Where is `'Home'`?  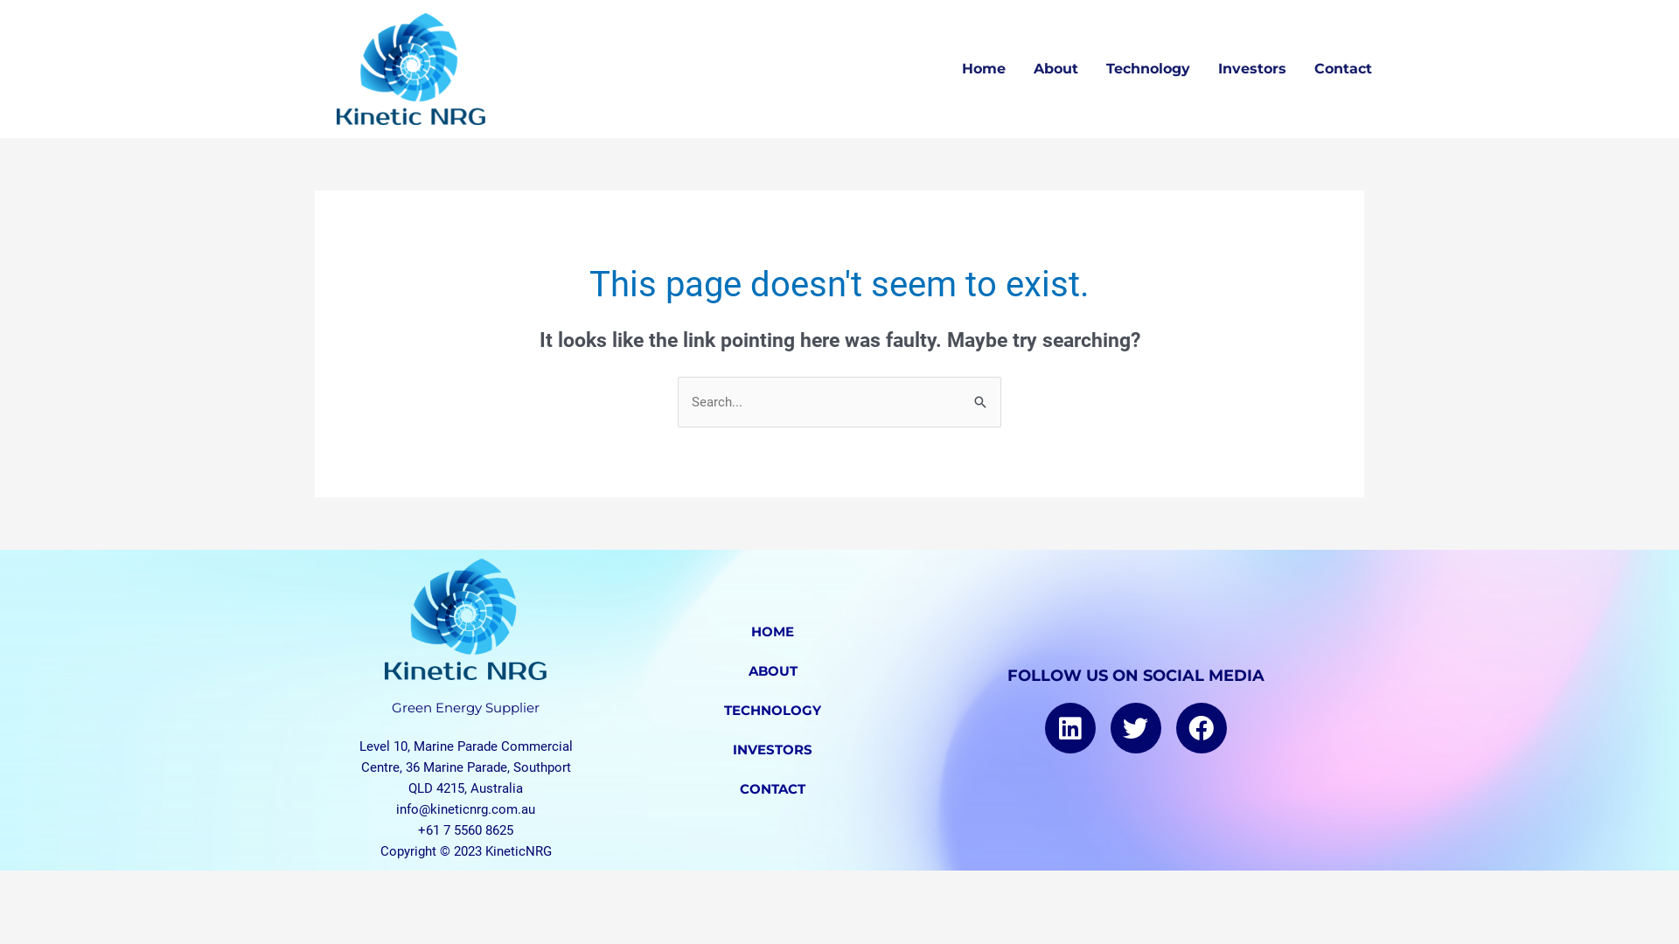
'Home' is located at coordinates (947, 67).